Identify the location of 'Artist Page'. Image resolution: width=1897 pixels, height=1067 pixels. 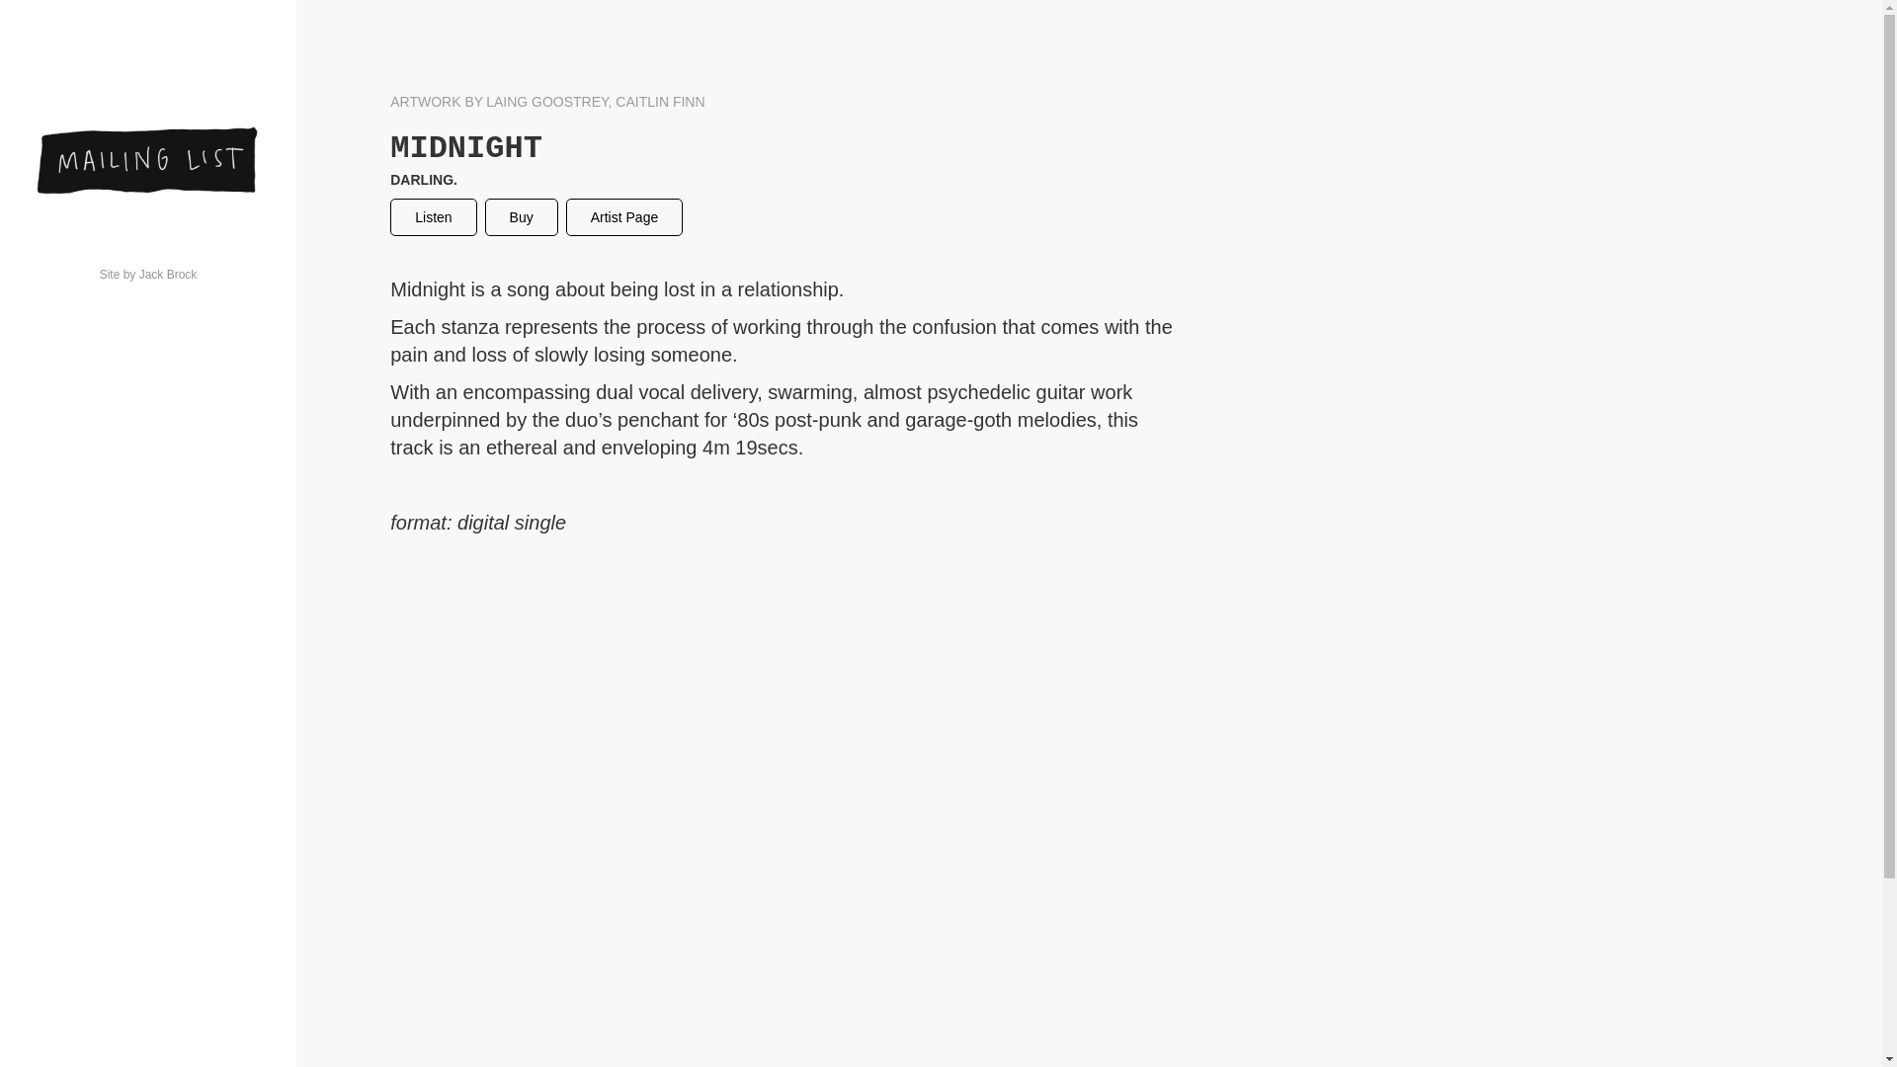
(623, 216).